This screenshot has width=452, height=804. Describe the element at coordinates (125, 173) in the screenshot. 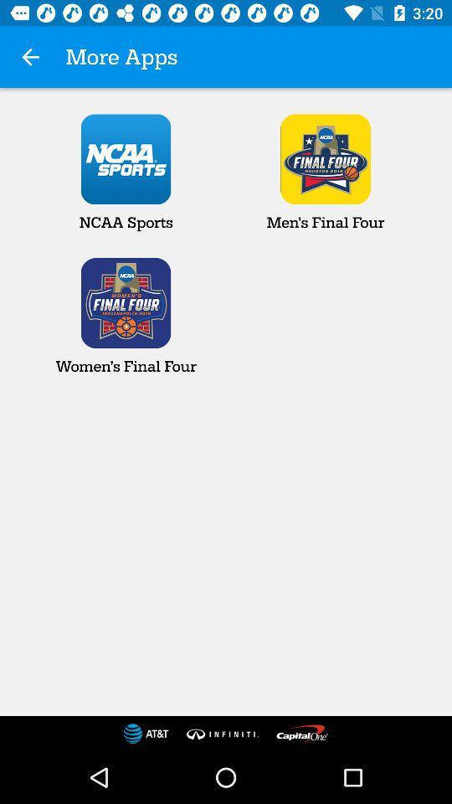

I see `the ncaa sports icon` at that location.